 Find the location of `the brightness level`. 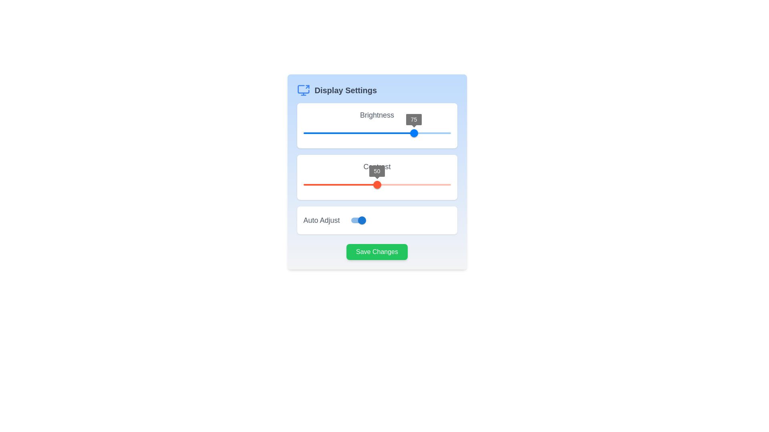

the brightness level is located at coordinates (357, 132).